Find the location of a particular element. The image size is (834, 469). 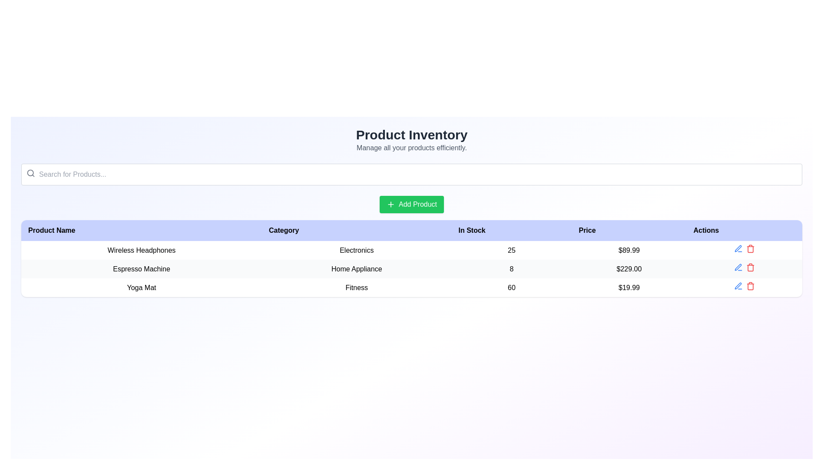

the Text label that displays the category classification of the corresponding product, located in the second column of the last row in a table under the header 'Category' is located at coordinates (357, 287).